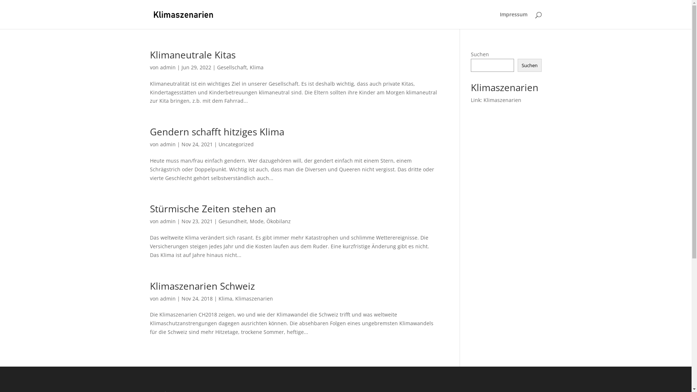 Image resolution: width=697 pixels, height=392 pixels. Describe the element at coordinates (233, 221) in the screenshot. I see `'Gesundheit'` at that location.